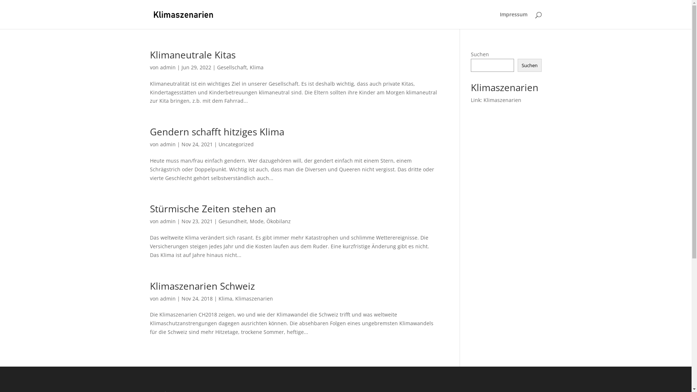 Image resolution: width=697 pixels, height=392 pixels. Describe the element at coordinates (233, 221) in the screenshot. I see `'Gesundheit'` at that location.